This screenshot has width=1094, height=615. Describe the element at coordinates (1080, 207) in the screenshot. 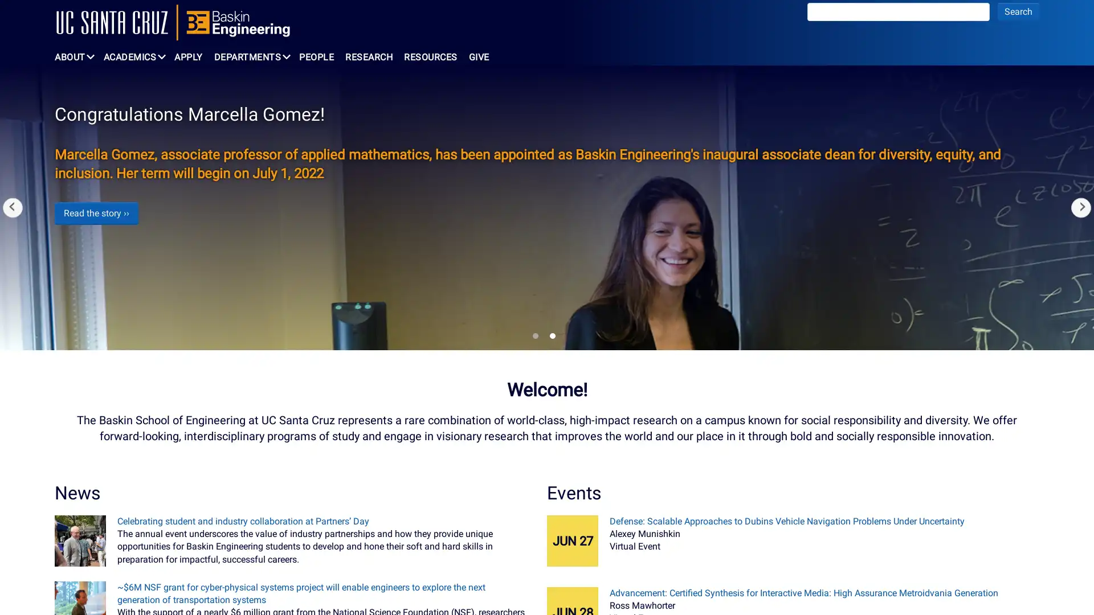

I see `Next` at that location.